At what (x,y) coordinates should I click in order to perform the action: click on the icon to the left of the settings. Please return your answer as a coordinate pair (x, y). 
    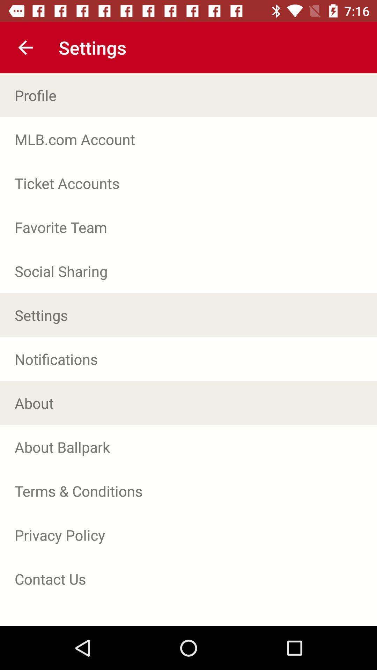
    Looking at the image, I should click on (25, 47).